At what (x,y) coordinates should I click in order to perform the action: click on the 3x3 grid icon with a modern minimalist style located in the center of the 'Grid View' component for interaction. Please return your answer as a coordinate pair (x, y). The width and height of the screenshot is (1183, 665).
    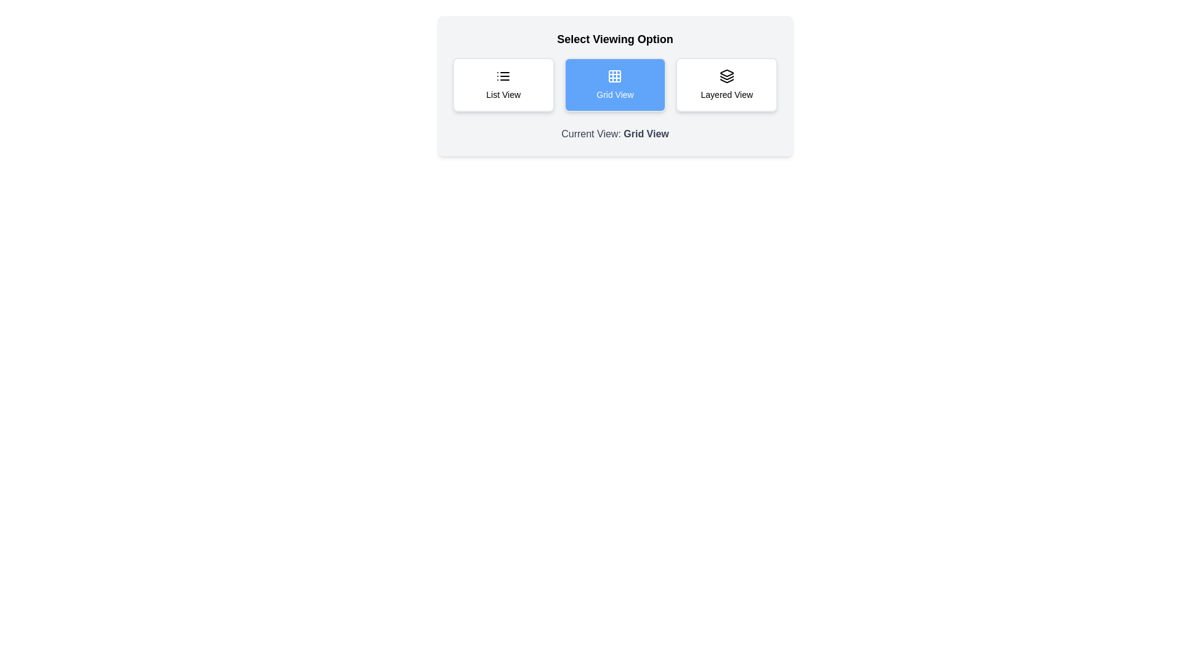
    Looking at the image, I should click on (615, 76).